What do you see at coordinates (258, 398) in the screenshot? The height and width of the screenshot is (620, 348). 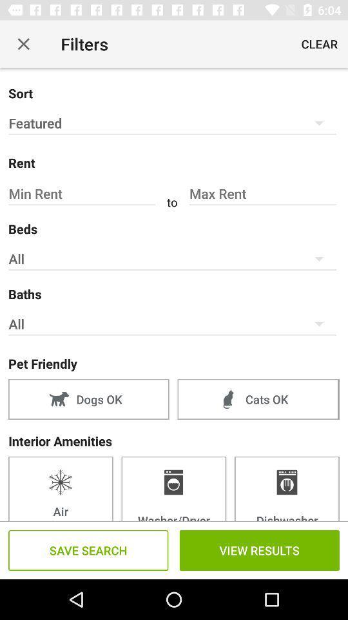 I see `the item above the interior amenities icon` at bounding box center [258, 398].